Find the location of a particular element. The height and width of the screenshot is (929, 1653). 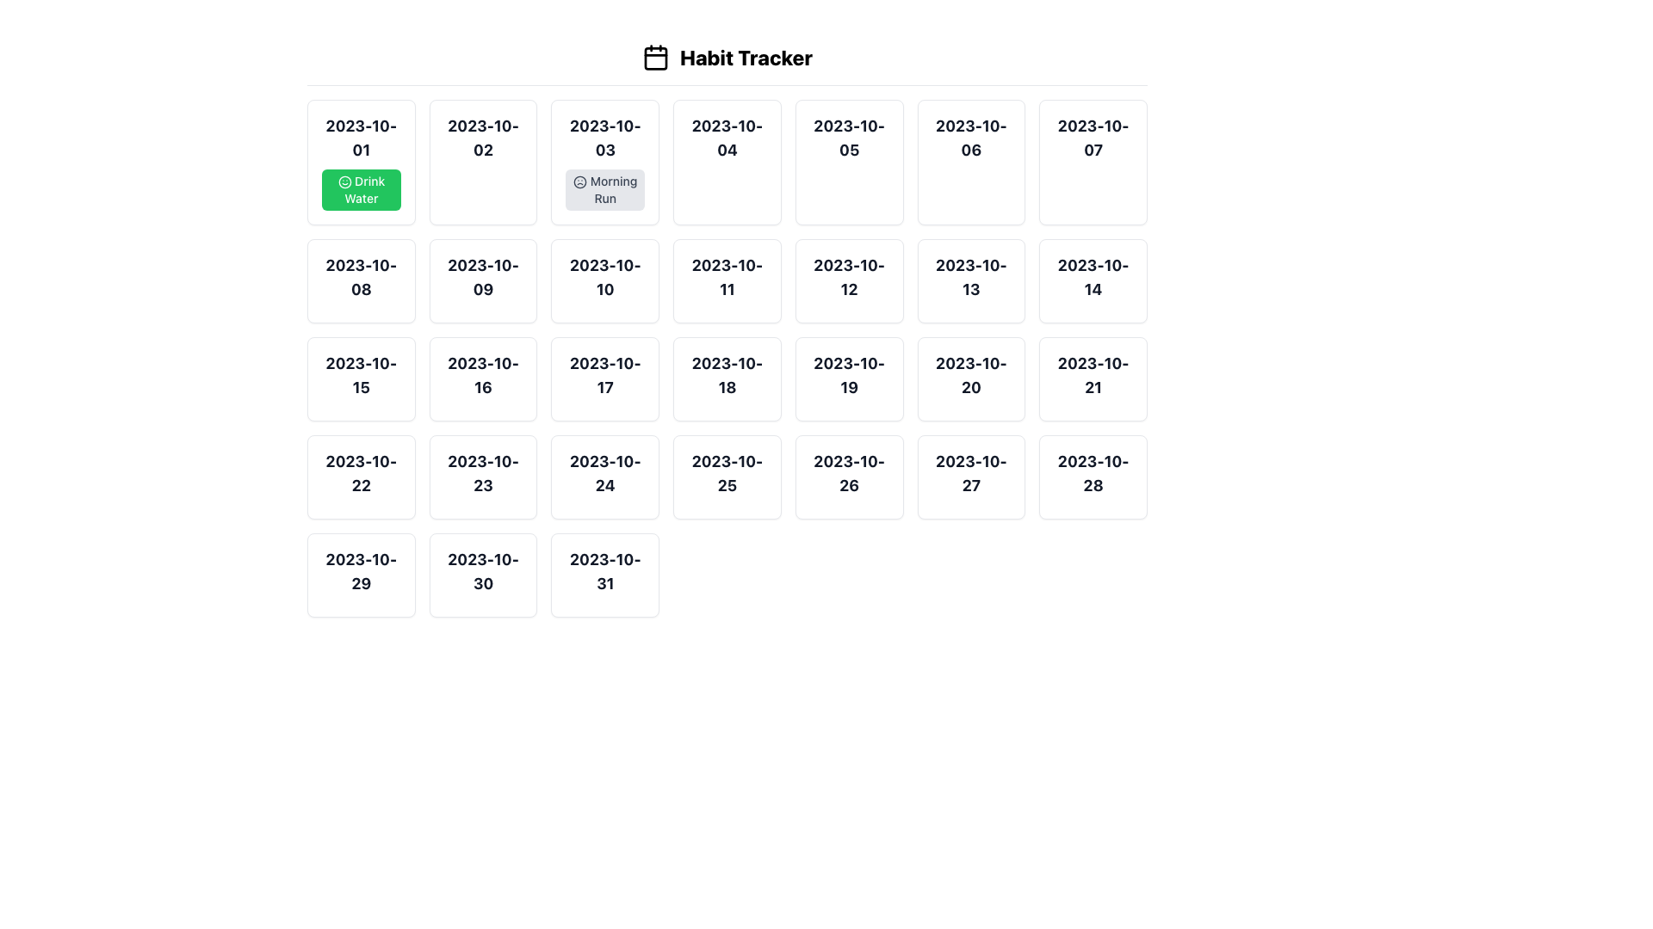

the decorative icon associated with the 'Drink Water' button located in the first cell of the calendar grid under the date '2023-10-01' is located at coordinates (344, 182).